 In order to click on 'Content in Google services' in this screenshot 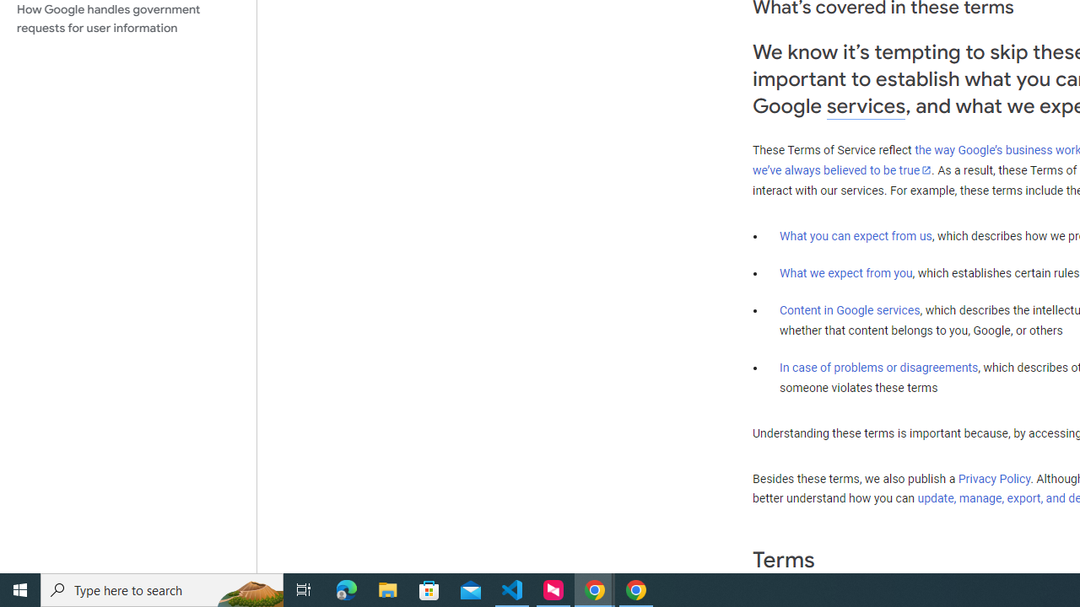, I will do `click(850, 310)`.